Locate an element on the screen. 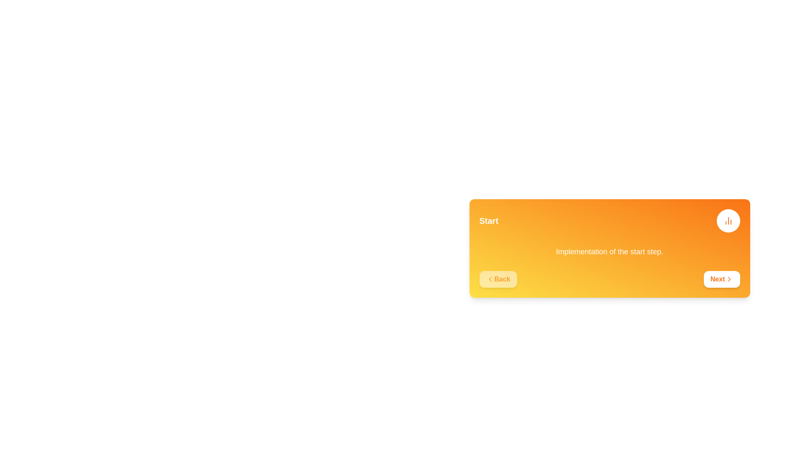 Image resolution: width=802 pixels, height=451 pixels. the 'Back' button containing the leftward chevron SVG icon is located at coordinates (490, 279).